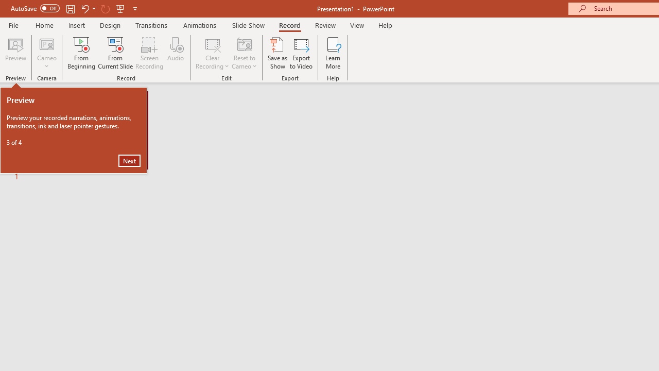 Image resolution: width=659 pixels, height=371 pixels. What do you see at coordinates (333, 53) in the screenshot?
I see `'Learn More'` at bounding box center [333, 53].